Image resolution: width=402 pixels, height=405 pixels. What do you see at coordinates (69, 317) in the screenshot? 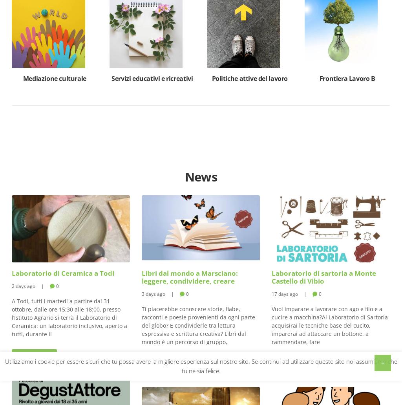
I see `'A Todi, tutti i martedì a partire dal 31 ottobre, dalle ore 15:30 alle 18:00, presso l’Istituto Agrario si terrà il Laboratorio di Ceramica: un laboratorio inclusivo, aperto a tutti, durante il'` at bounding box center [69, 317].